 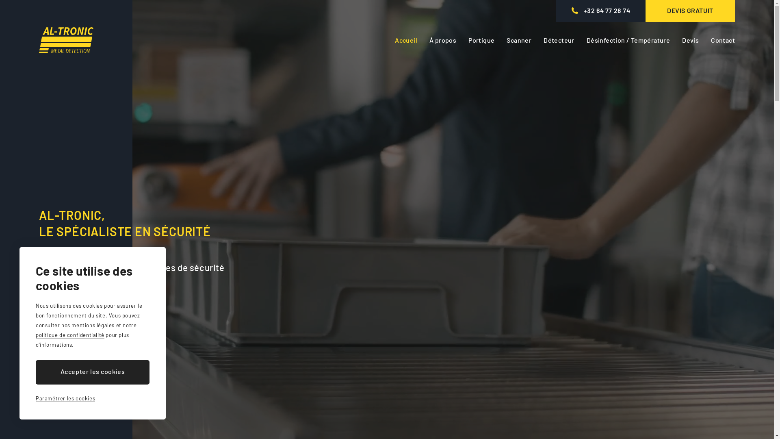 What do you see at coordinates (690, 11) in the screenshot?
I see `'DEVIS GRATUIT'` at bounding box center [690, 11].